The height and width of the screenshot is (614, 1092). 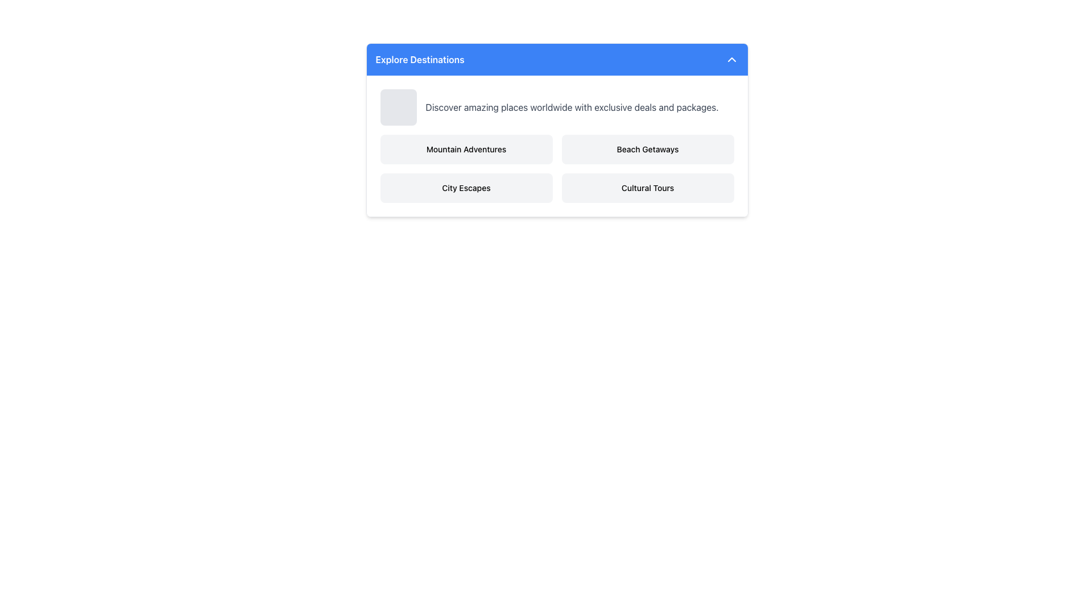 I want to click on the upward-pointing triangular chevron icon with a thin white outline, located in the header bar of the 'Explore Destinations' section, positioned on the far right above a blue background, so click(x=731, y=59).